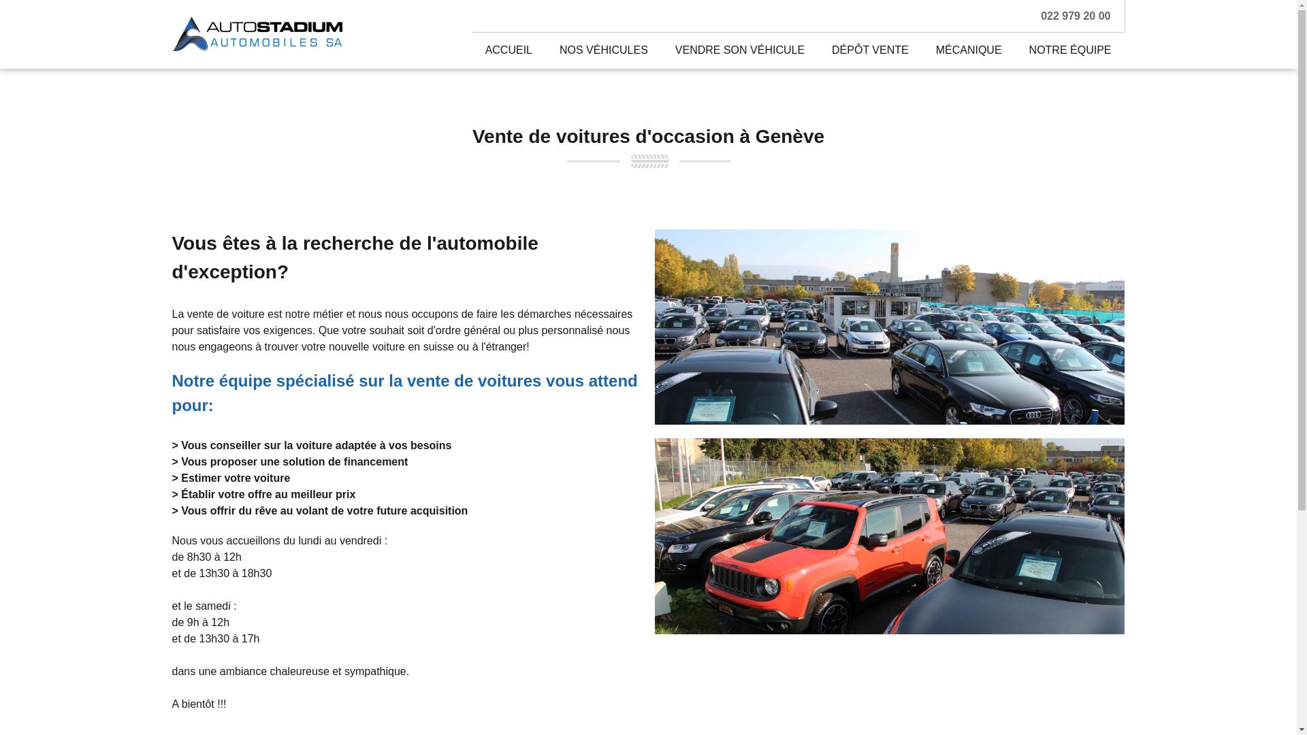 The width and height of the screenshot is (1307, 735). I want to click on 'Autostadium Automobile', so click(257, 33).